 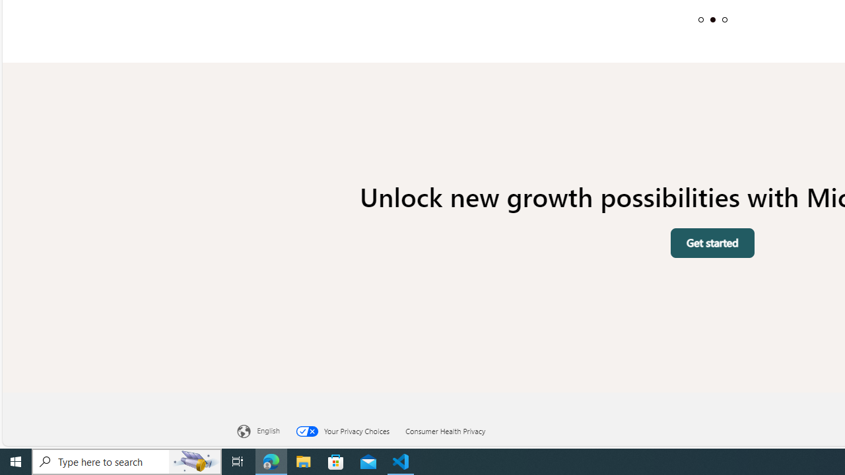 I want to click on 'Slide 1', so click(x=700, y=19).